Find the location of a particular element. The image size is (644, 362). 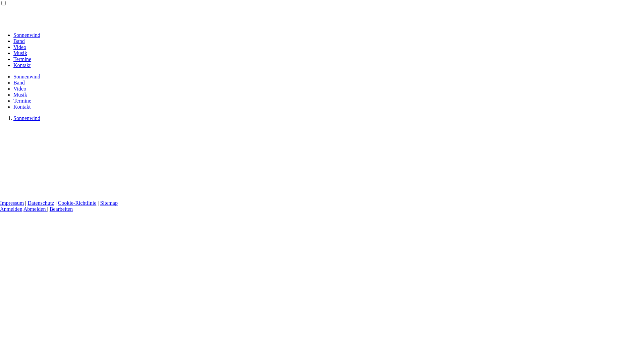

'Cookie-Richtlinie' is located at coordinates (77, 202).